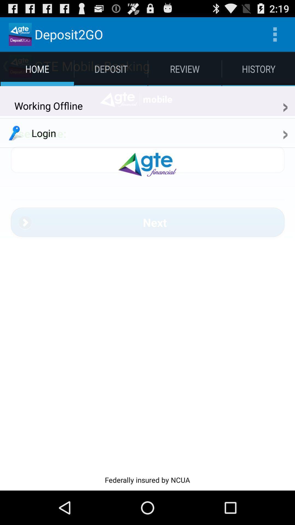  I want to click on home, so click(37, 69).